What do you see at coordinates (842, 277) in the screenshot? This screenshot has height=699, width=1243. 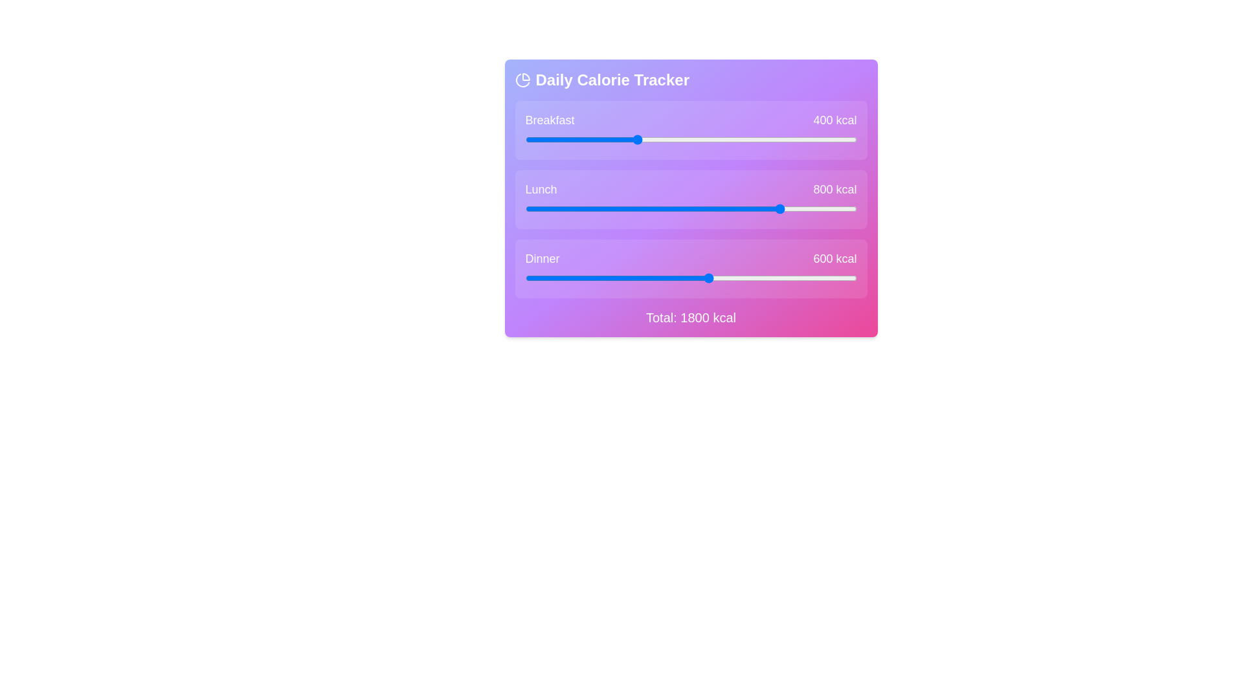 I see `the dinner calorie slider` at bounding box center [842, 277].